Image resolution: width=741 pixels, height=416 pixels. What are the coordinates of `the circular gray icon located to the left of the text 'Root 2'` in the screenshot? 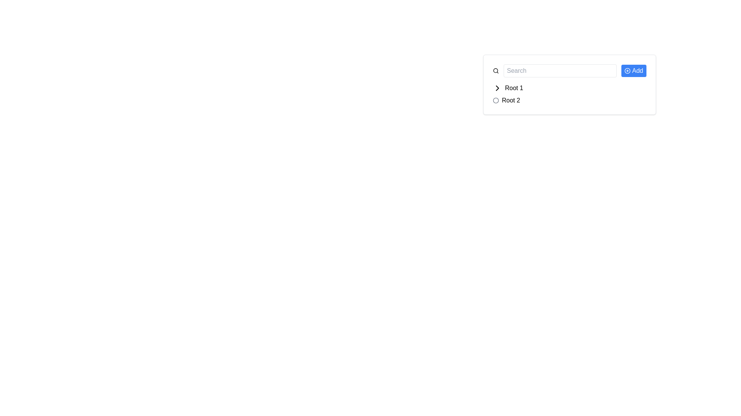 It's located at (496, 100).